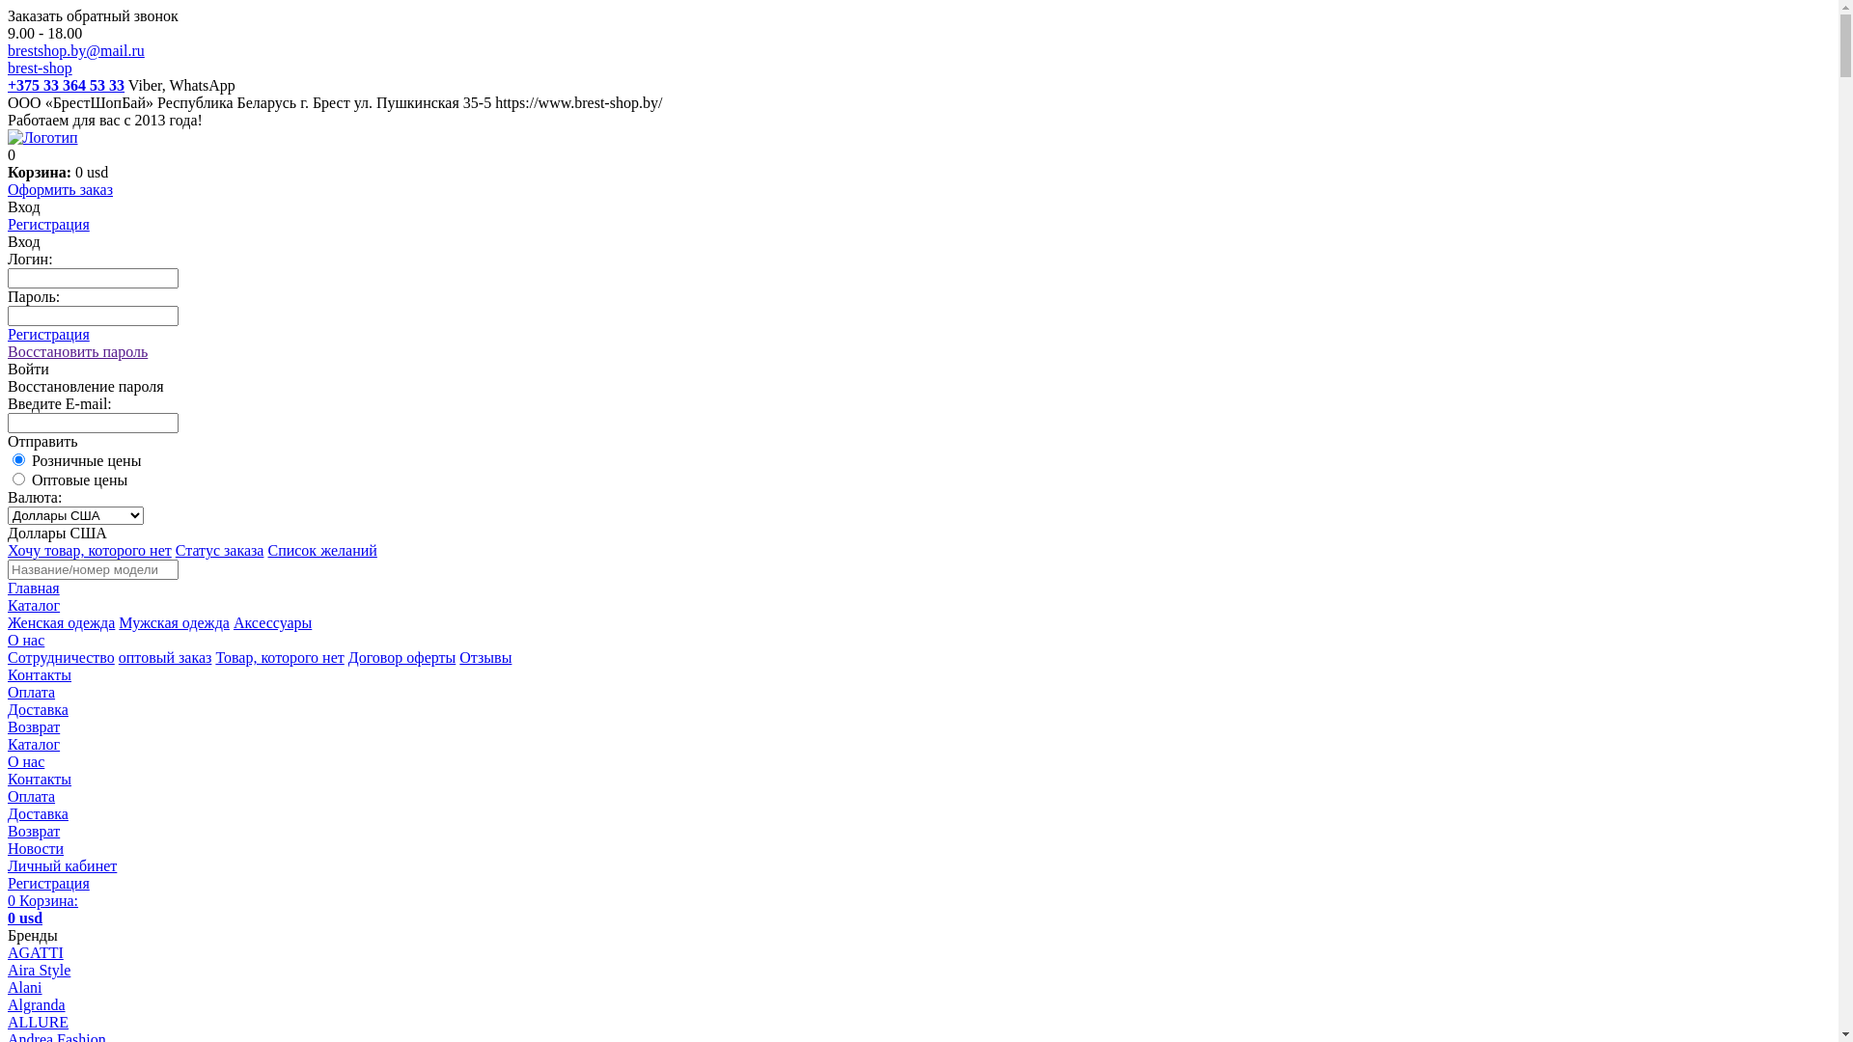  I want to click on 'brestshop.by@mail.ru', so click(75, 49).